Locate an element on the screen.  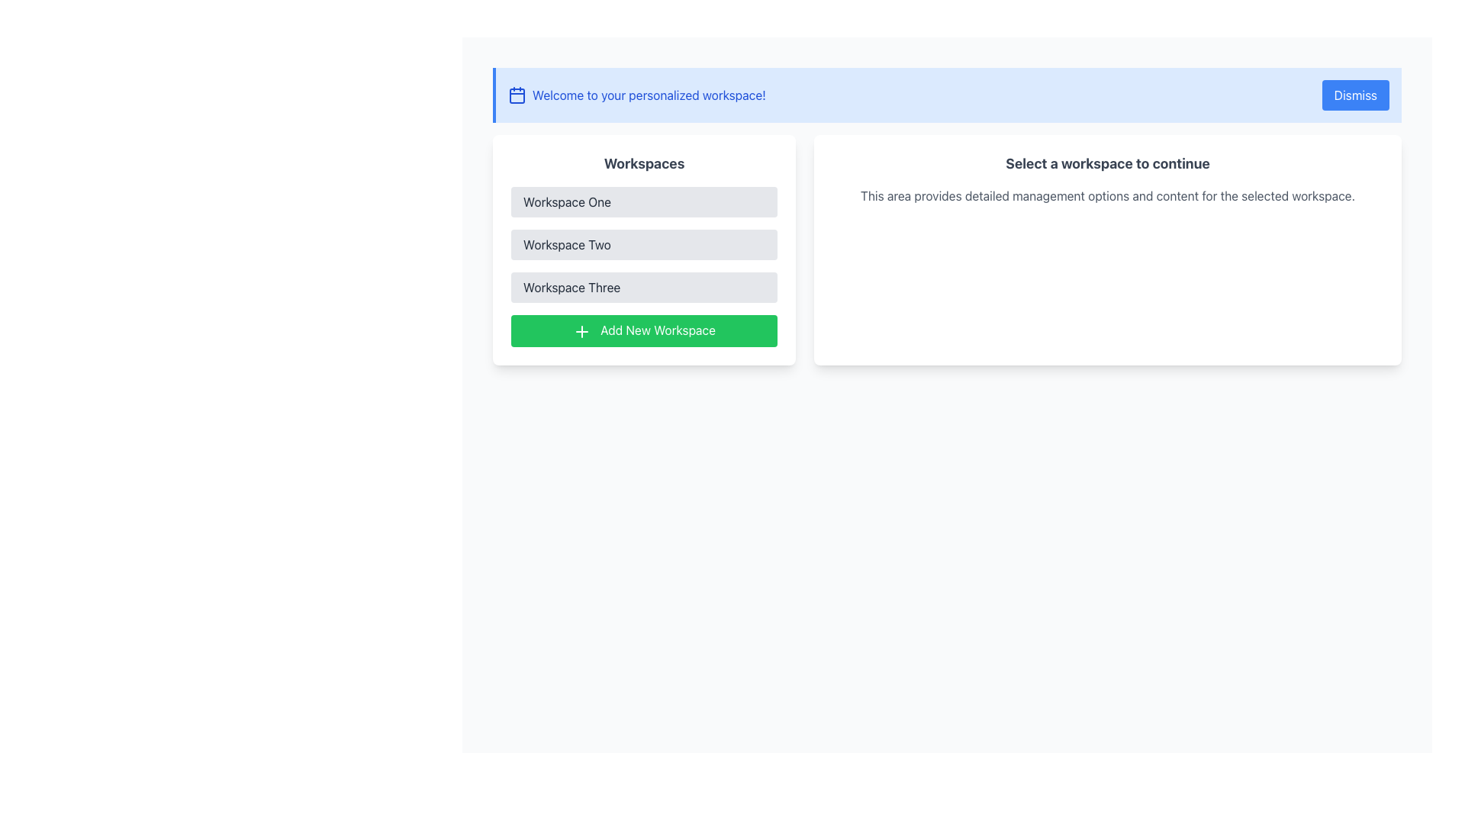
the close button located at the far-right end of the notification bar is located at coordinates (1355, 95).